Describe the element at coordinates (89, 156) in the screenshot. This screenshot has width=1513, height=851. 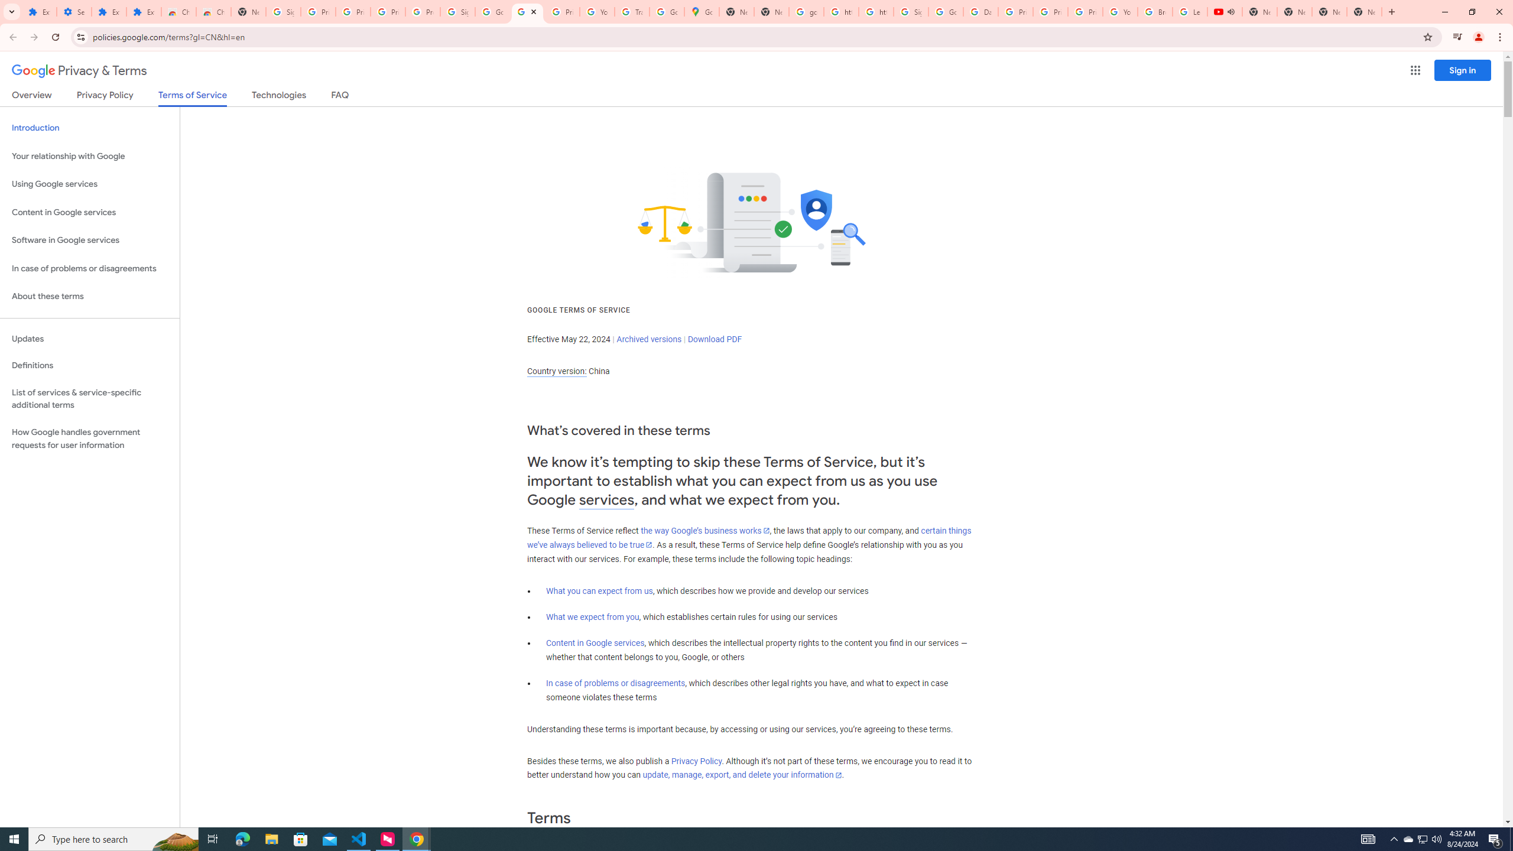
I see `'Your relationship with Google'` at that location.